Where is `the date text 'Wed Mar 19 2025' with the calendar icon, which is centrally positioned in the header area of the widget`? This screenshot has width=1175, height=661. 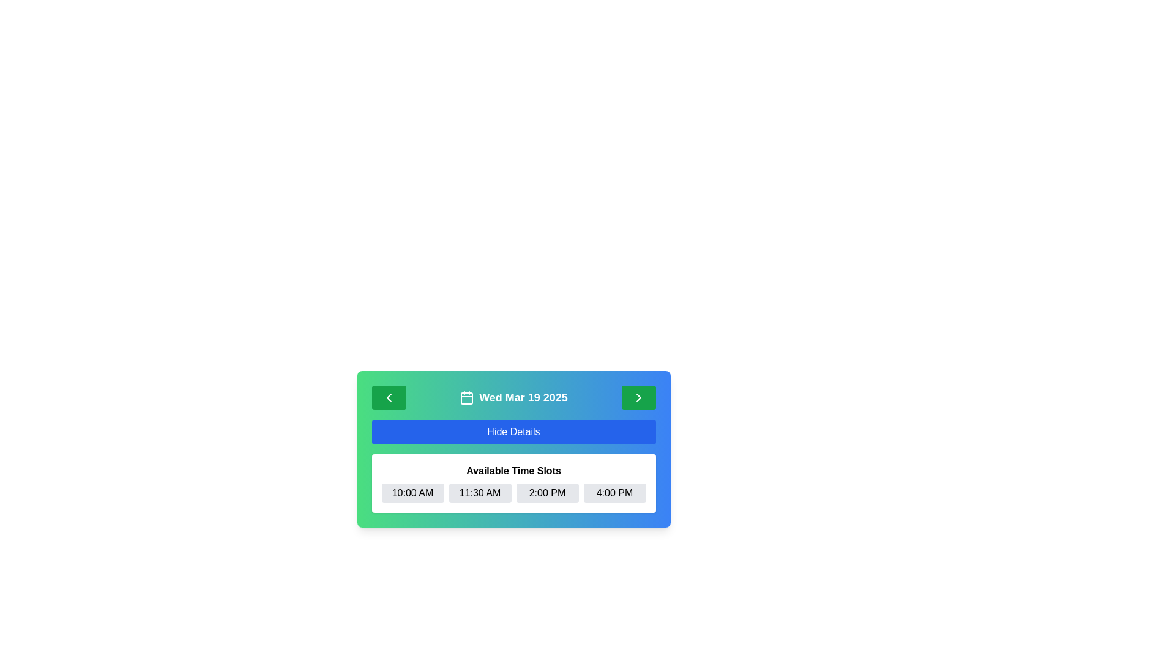 the date text 'Wed Mar 19 2025' with the calendar icon, which is centrally positioned in the header area of the widget is located at coordinates (513, 398).